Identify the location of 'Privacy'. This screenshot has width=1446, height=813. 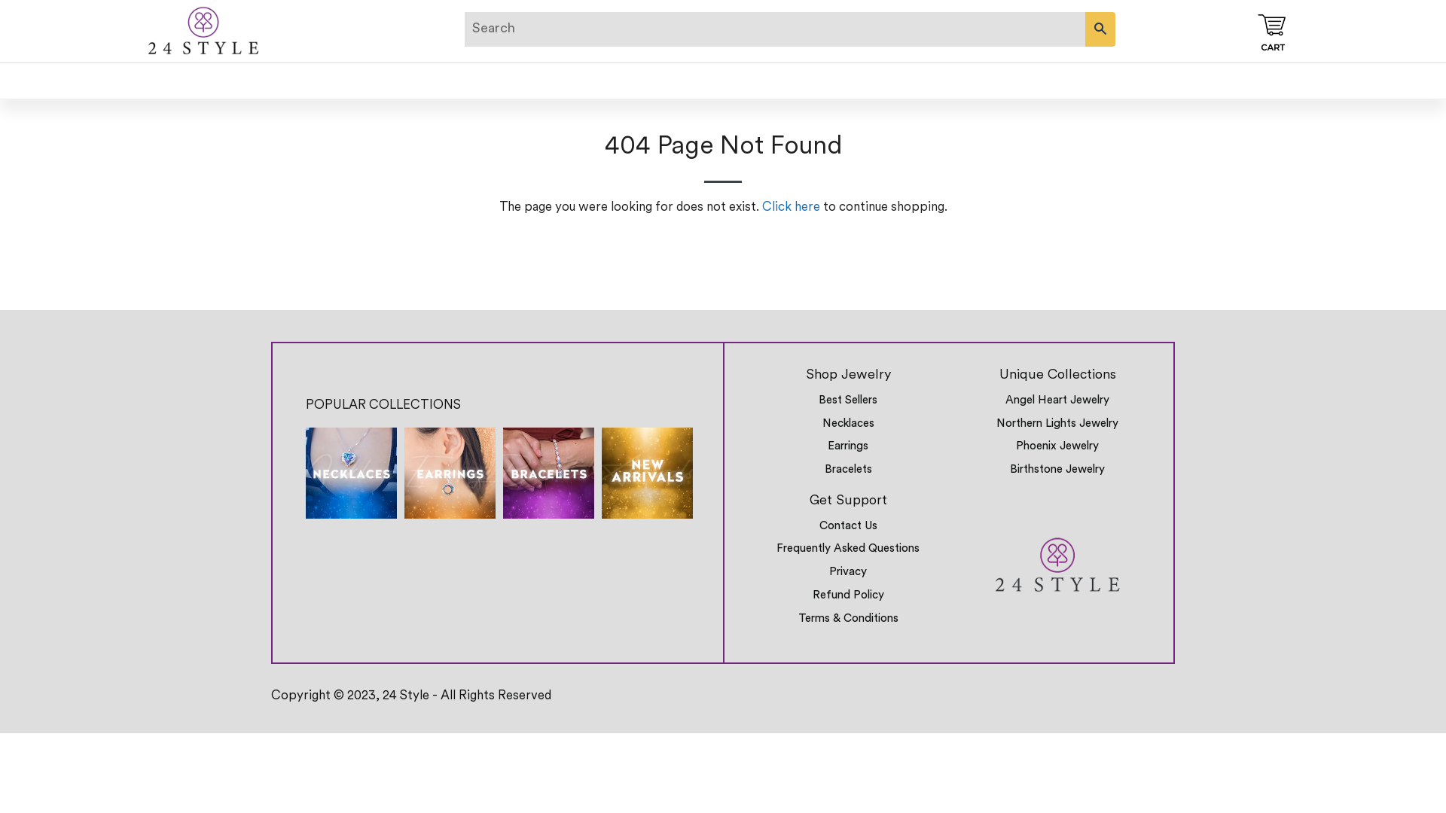
(848, 572).